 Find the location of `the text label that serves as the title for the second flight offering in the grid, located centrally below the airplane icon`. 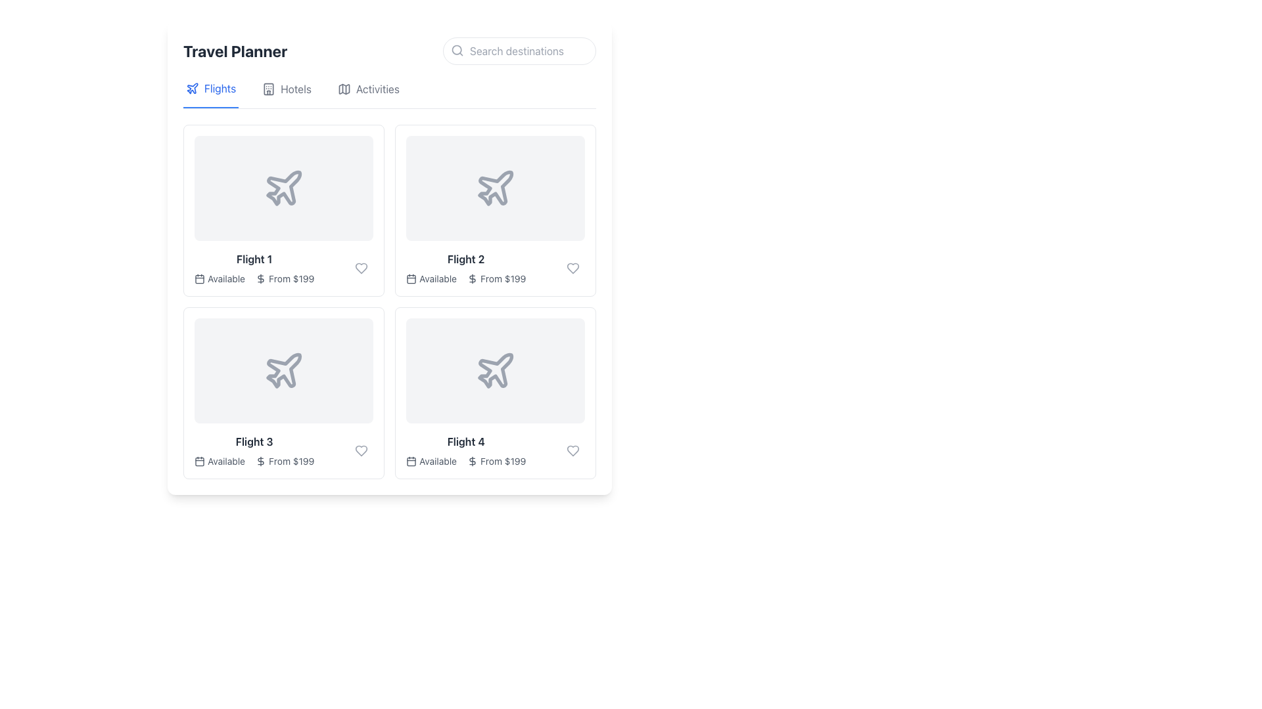

the text label that serves as the title for the second flight offering in the grid, located centrally below the airplane icon is located at coordinates (466, 259).